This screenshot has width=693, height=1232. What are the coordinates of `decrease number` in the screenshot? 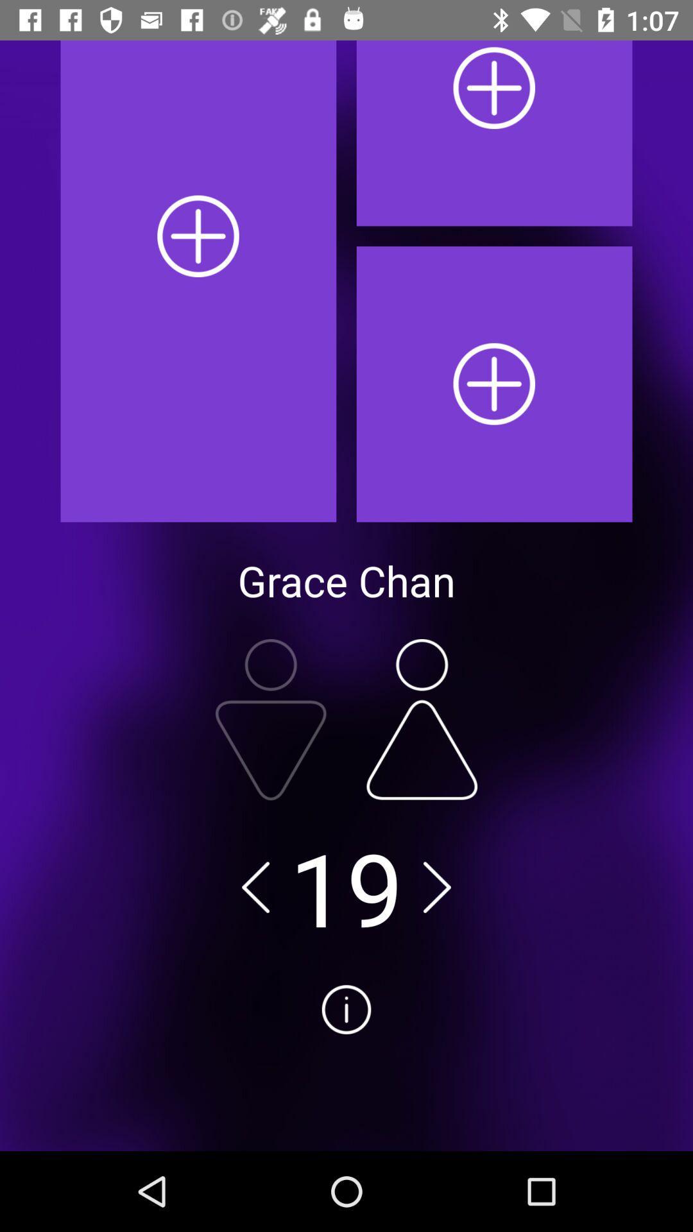 It's located at (255, 886).